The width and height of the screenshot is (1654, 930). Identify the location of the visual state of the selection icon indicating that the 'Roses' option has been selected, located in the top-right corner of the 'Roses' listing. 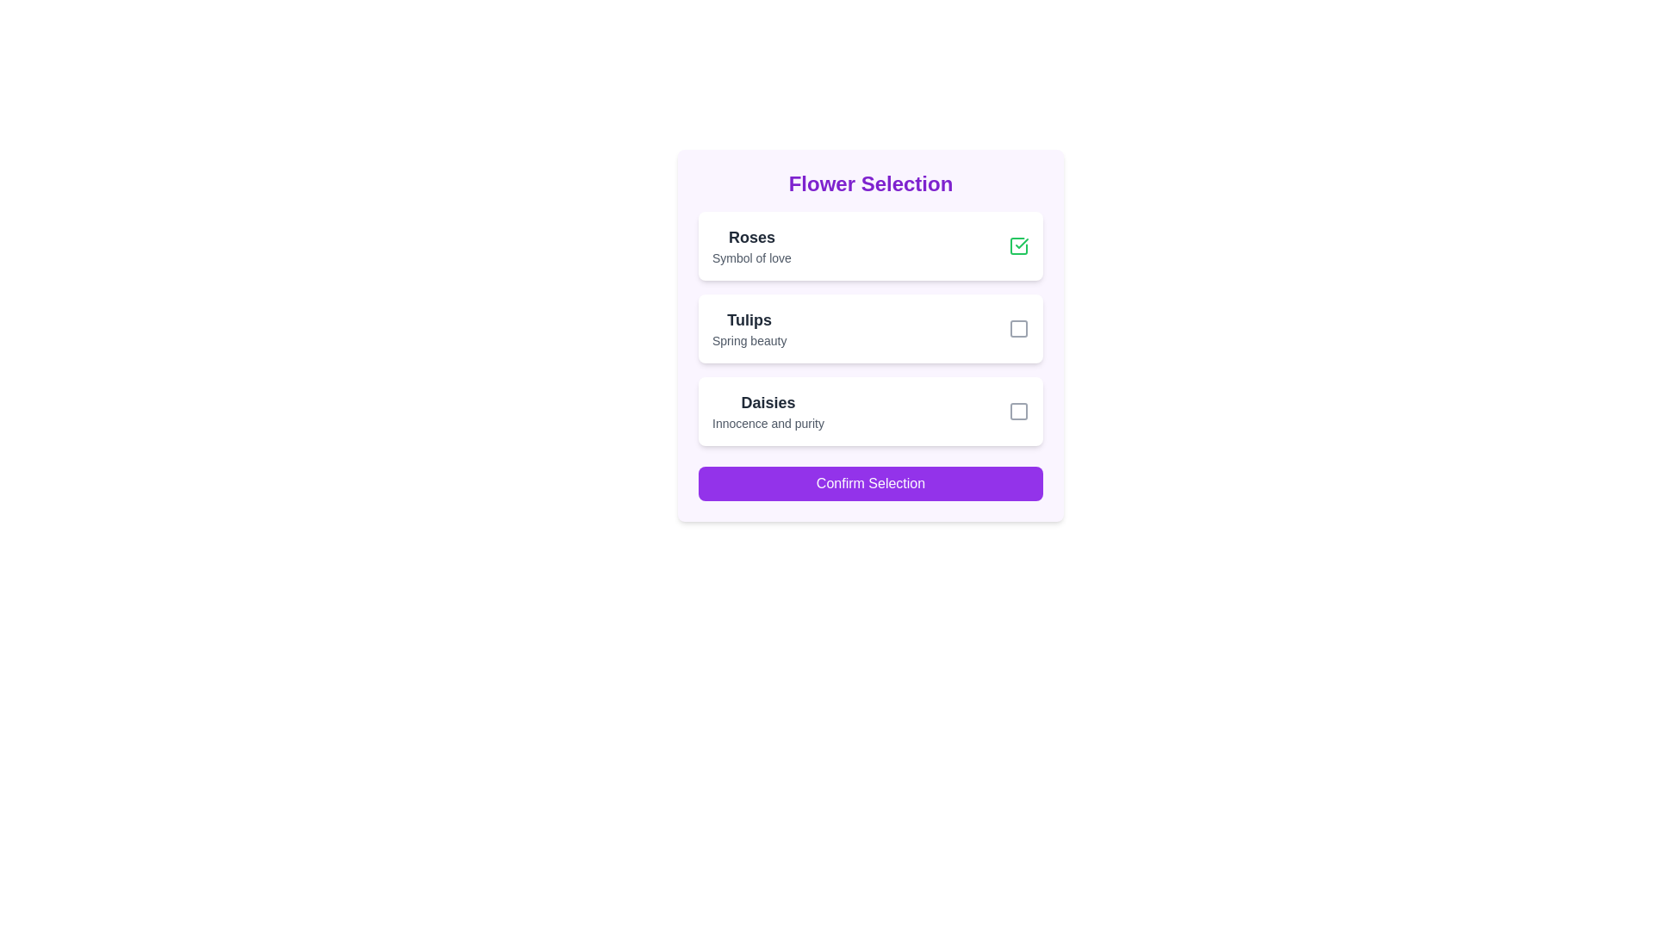
(1022, 243).